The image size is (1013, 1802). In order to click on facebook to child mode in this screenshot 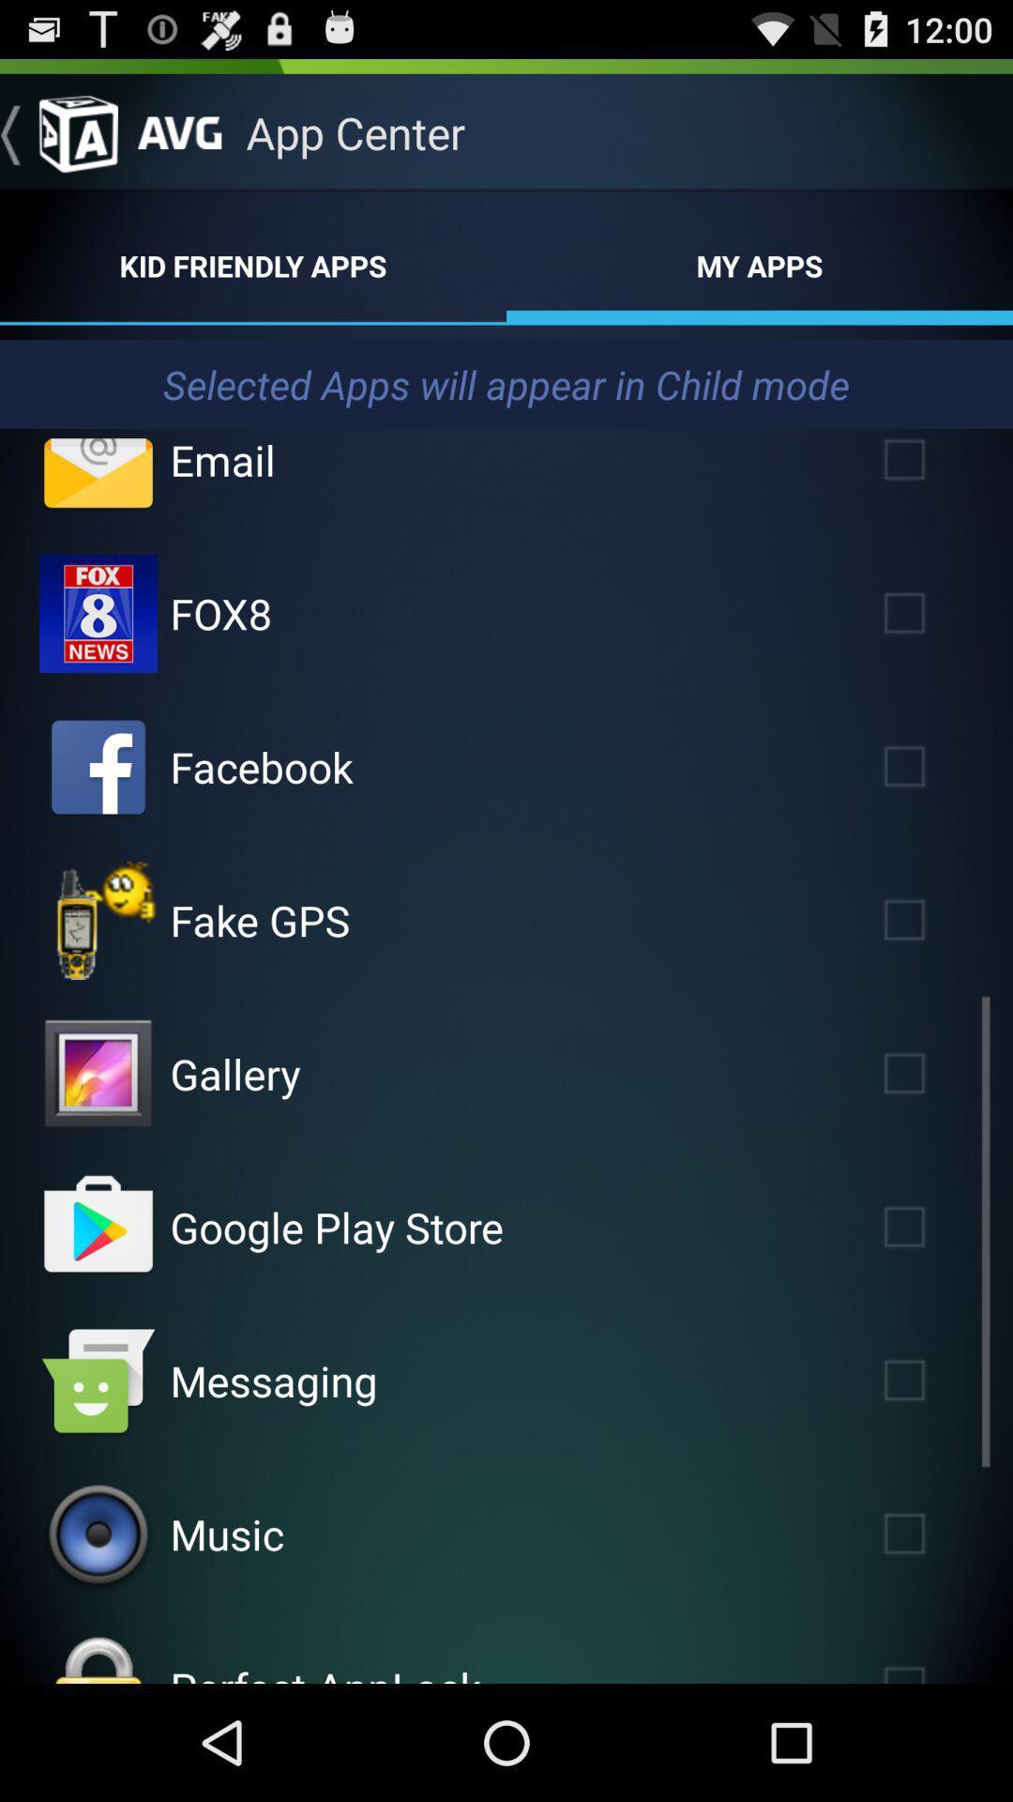, I will do `click(98, 767)`.